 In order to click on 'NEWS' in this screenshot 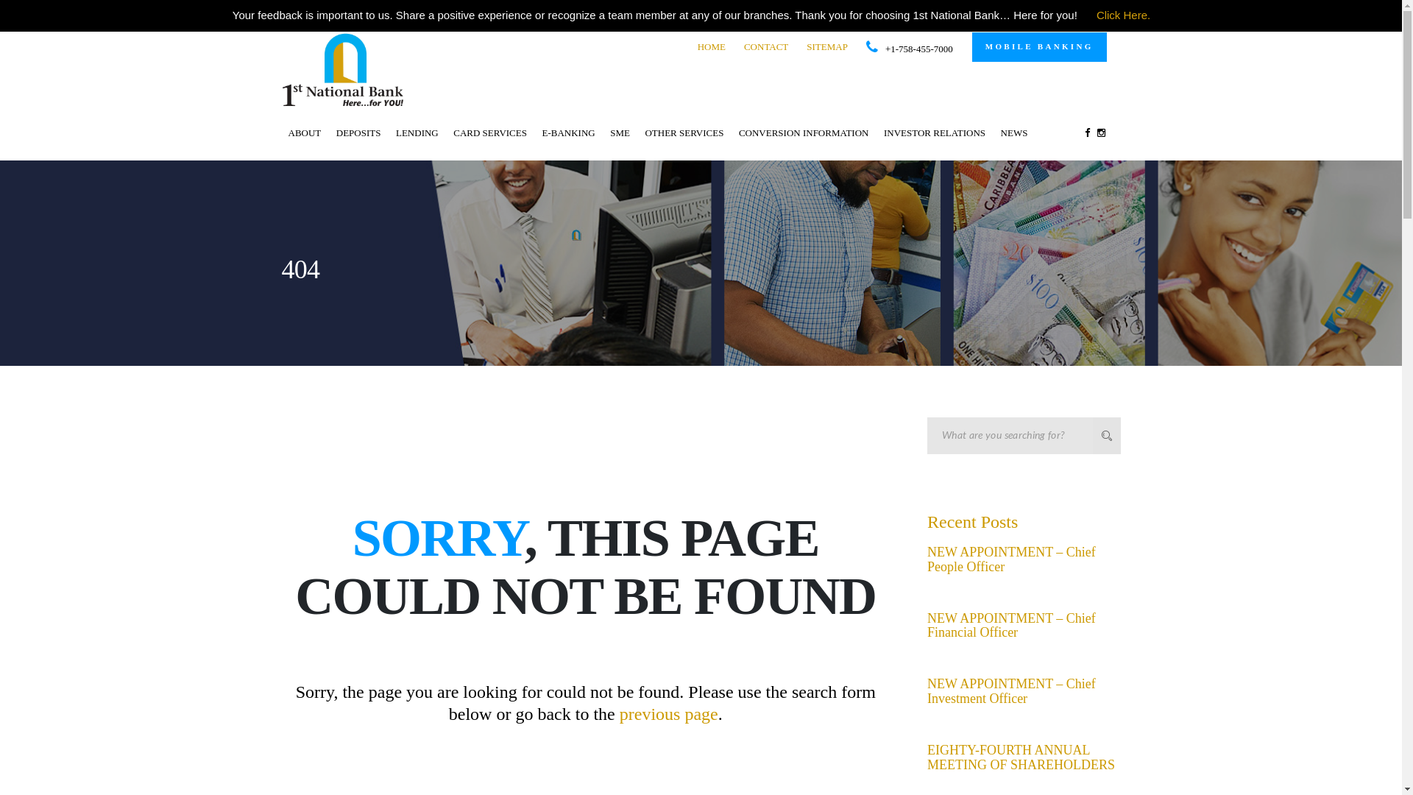, I will do `click(1013, 132)`.